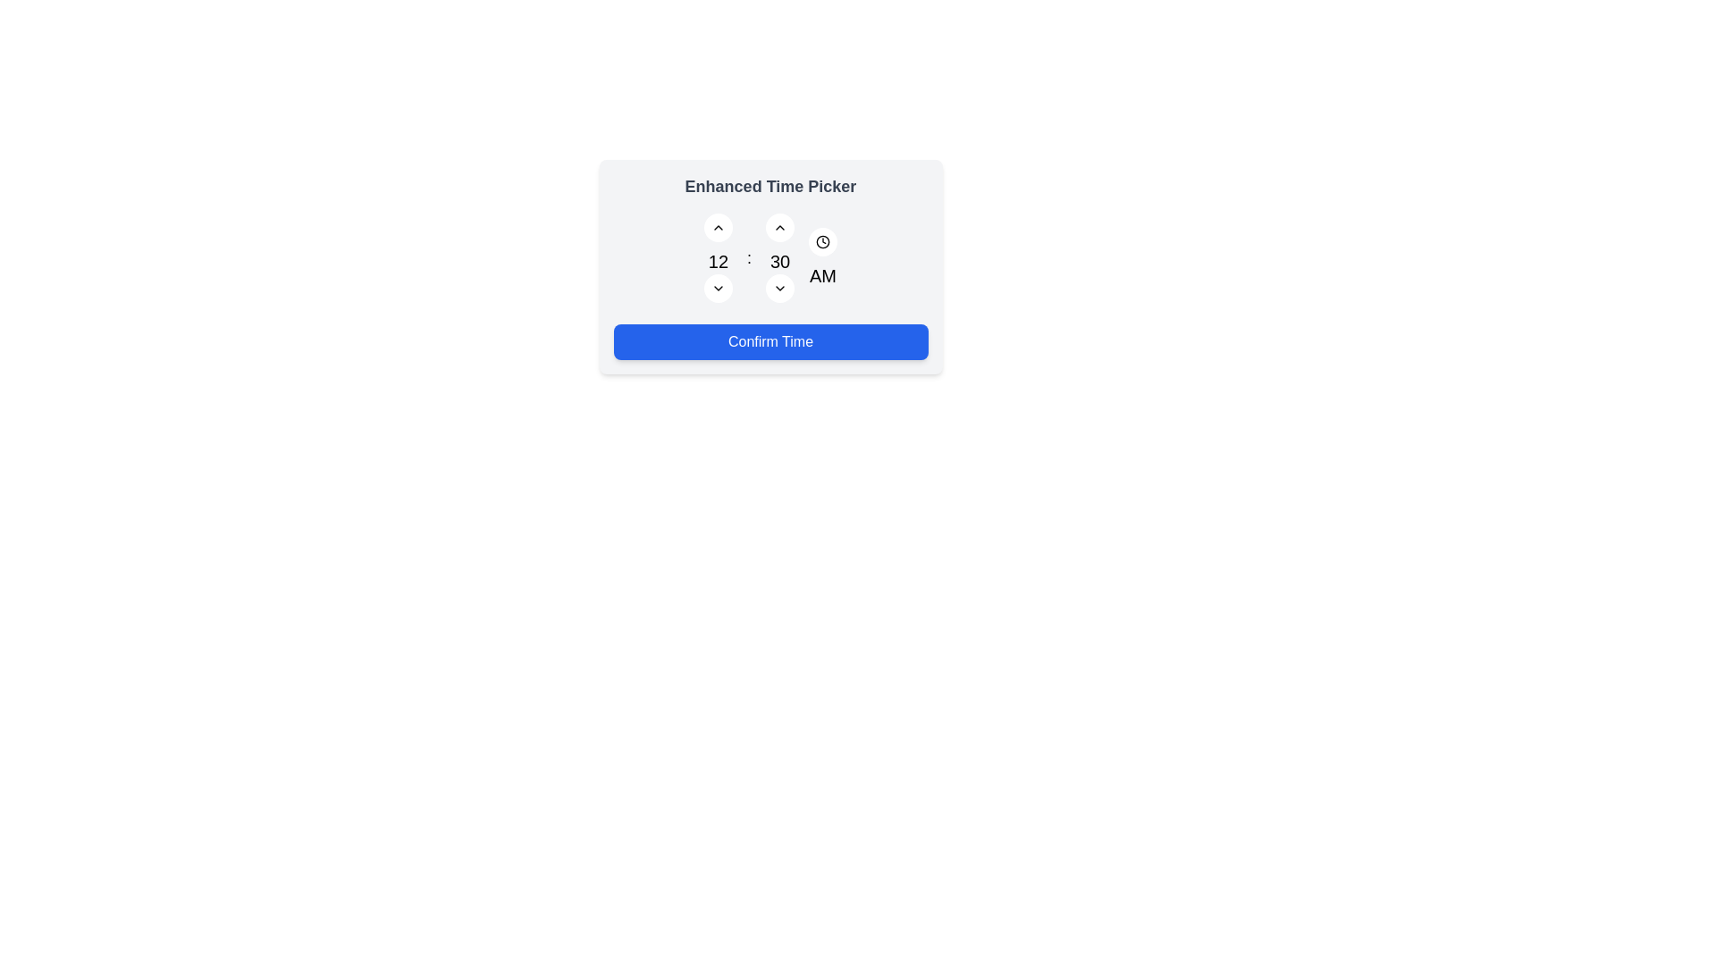  What do you see at coordinates (718, 226) in the screenshot?
I see `the upward-pointing arrow icon button located above the '12' input field in the time selector to increment the hour value` at bounding box center [718, 226].